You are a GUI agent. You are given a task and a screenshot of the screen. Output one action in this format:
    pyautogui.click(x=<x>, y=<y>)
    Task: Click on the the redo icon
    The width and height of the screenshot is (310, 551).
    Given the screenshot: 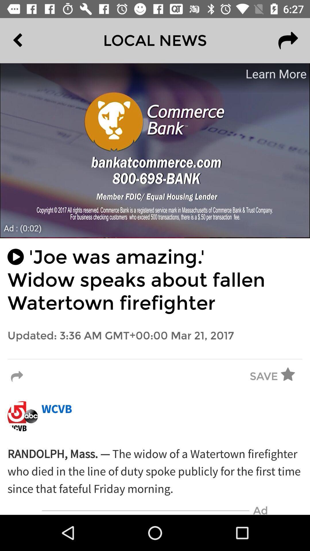 What is the action you would take?
    pyautogui.click(x=288, y=40)
    